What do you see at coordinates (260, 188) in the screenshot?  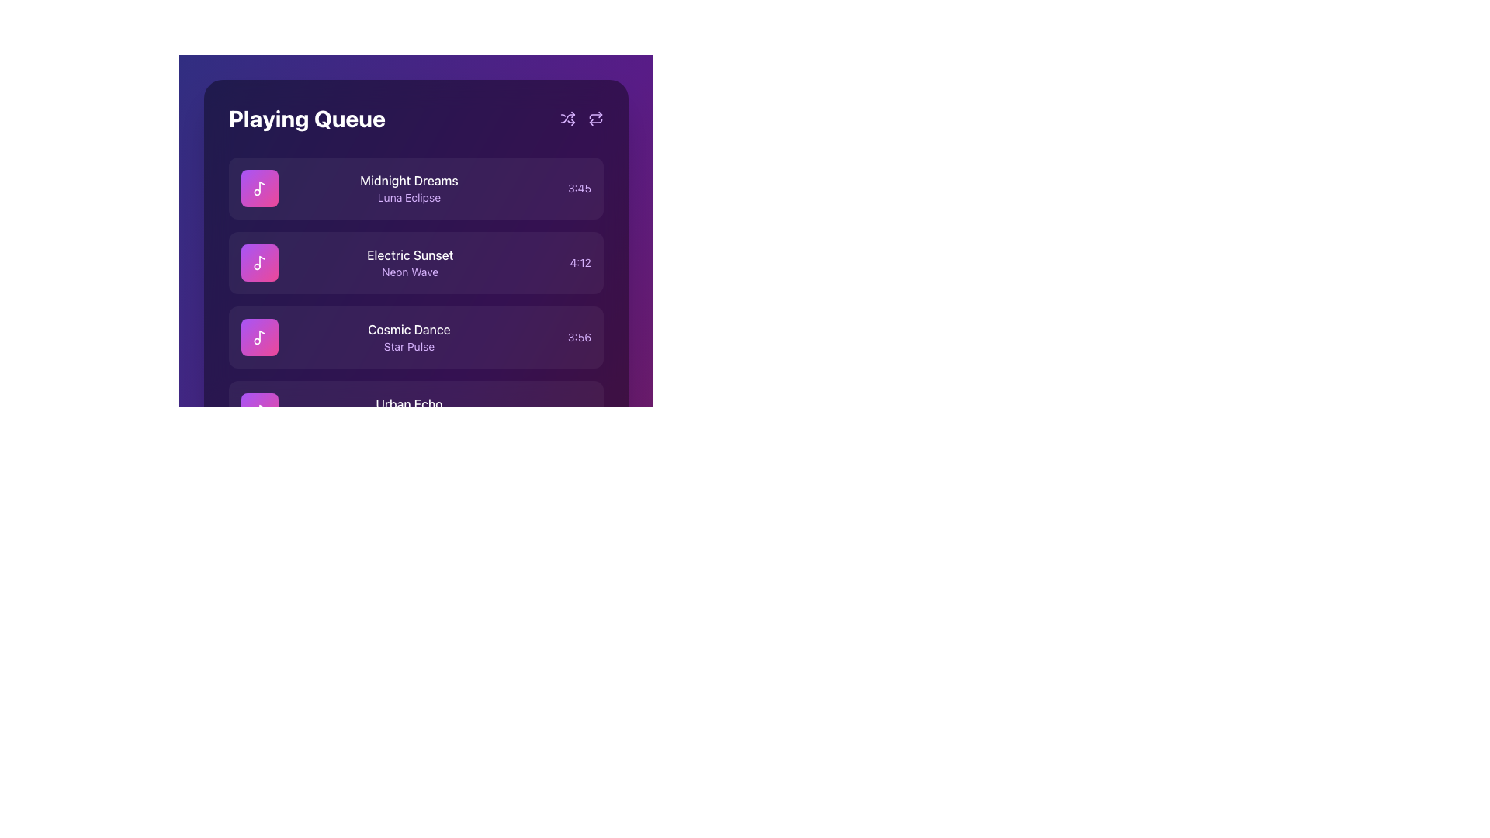 I see `the design of the square UI component with a gradient background from purple to pink, featuring a white music note icon, located in the 'Playing Queue' list before the texts 'Midnight Dreams' and 'Luna Eclipse'` at bounding box center [260, 188].